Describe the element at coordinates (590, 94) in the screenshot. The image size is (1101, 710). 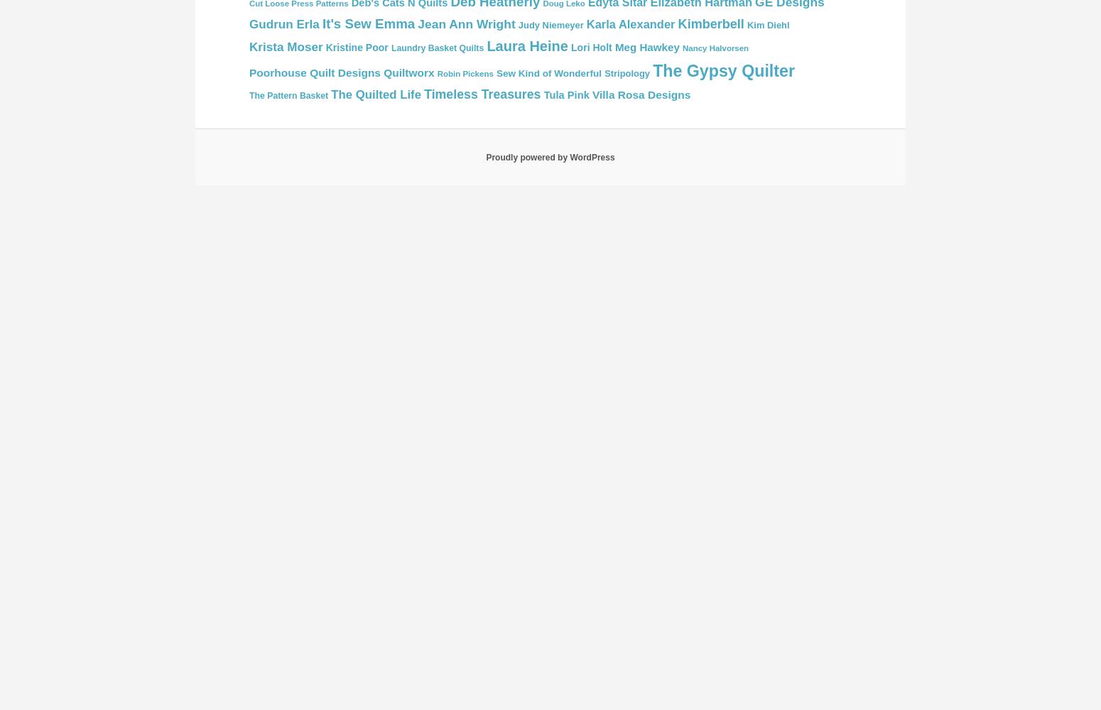
I see `'Villa Rosa Designs'` at that location.